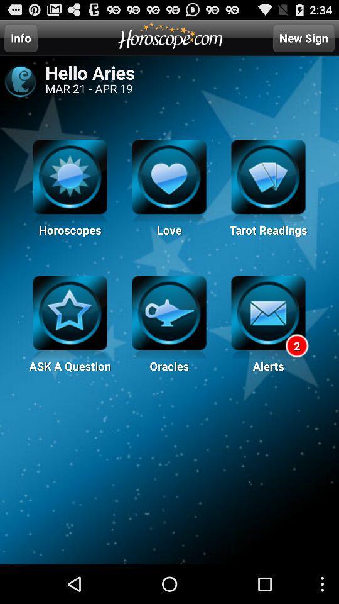 The height and width of the screenshot is (604, 339). I want to click on text message inbox, so click(267, 316).